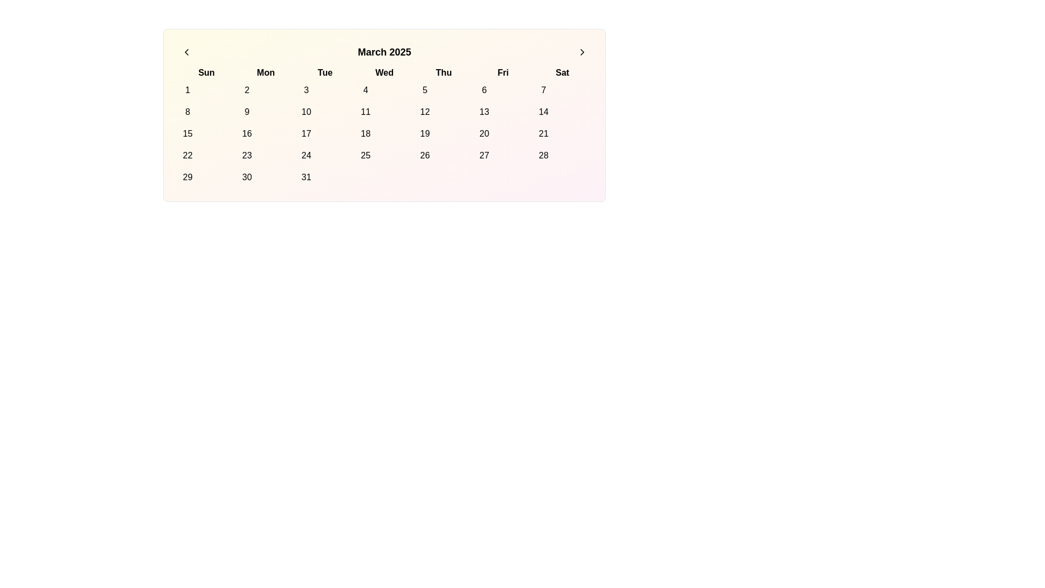 The image size is (1045, 588). I want to click on the static text label displaying 'March 2025' at the top of the calendar interface, so click(384, 52).